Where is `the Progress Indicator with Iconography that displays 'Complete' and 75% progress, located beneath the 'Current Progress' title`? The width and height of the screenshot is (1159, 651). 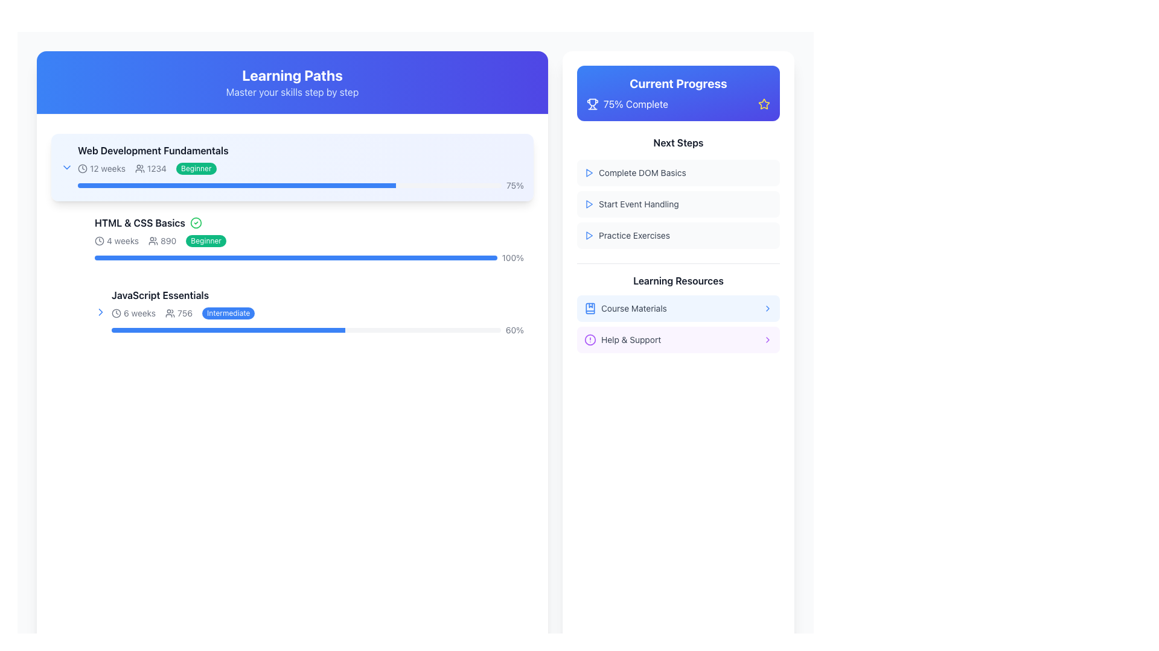 the Progress Indicator with Iconography that displays 'Complete' and 75% progress, located beneath the 'Current Progress' title is located at coordinates (678, 104).